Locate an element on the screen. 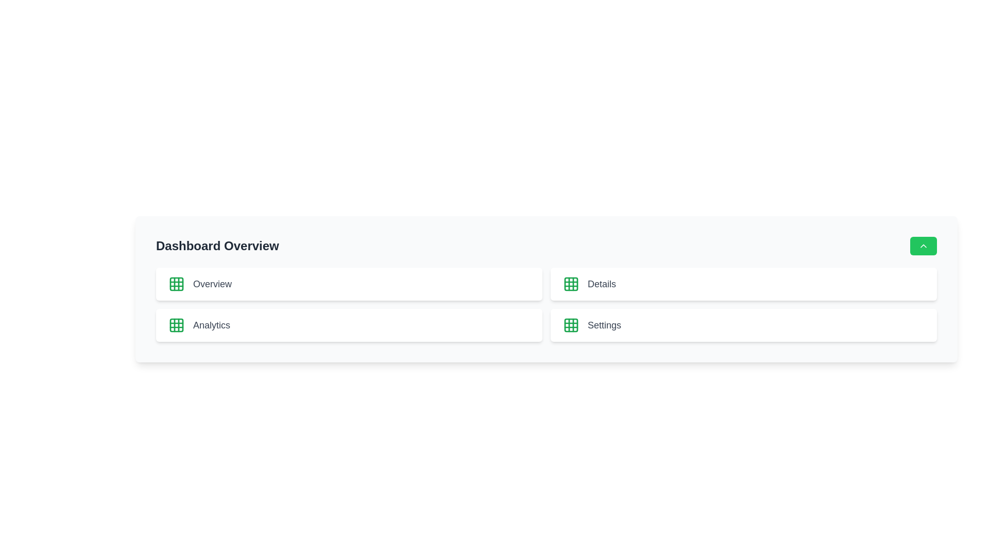  the 'Analytics' button located on the left side of the grid layout, below the 'Overview' box and above the 'Settings' box is located at coordinates (349, 325).